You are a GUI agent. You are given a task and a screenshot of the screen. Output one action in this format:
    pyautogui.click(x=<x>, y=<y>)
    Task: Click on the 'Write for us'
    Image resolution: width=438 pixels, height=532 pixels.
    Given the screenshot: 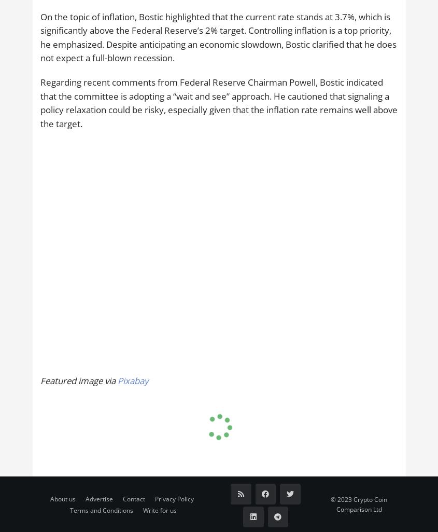 What is the action you would take?
    pyautogui.click(x=159, y=510)
    